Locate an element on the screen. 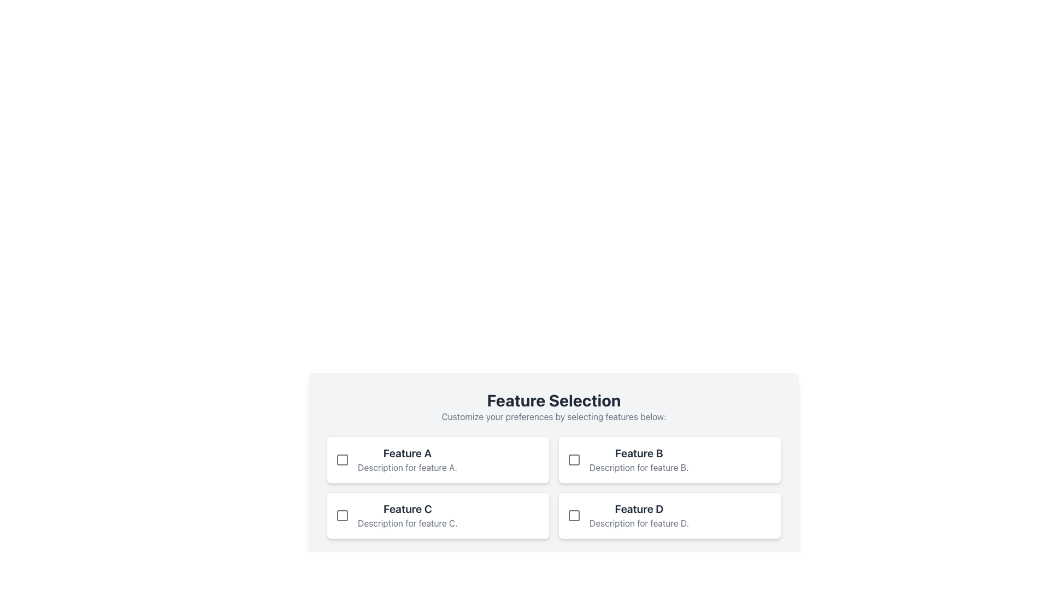  the Checkbox for 'Feature D' located in the bottom-right corner of the grid under 'Feature Selection' is located at coordinates (669, 516).